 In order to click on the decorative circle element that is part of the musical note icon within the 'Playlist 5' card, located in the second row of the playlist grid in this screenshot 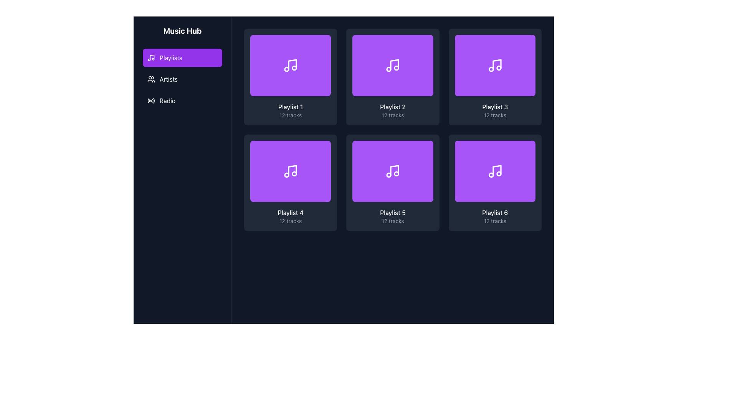, I will do `click(397, 174)`.